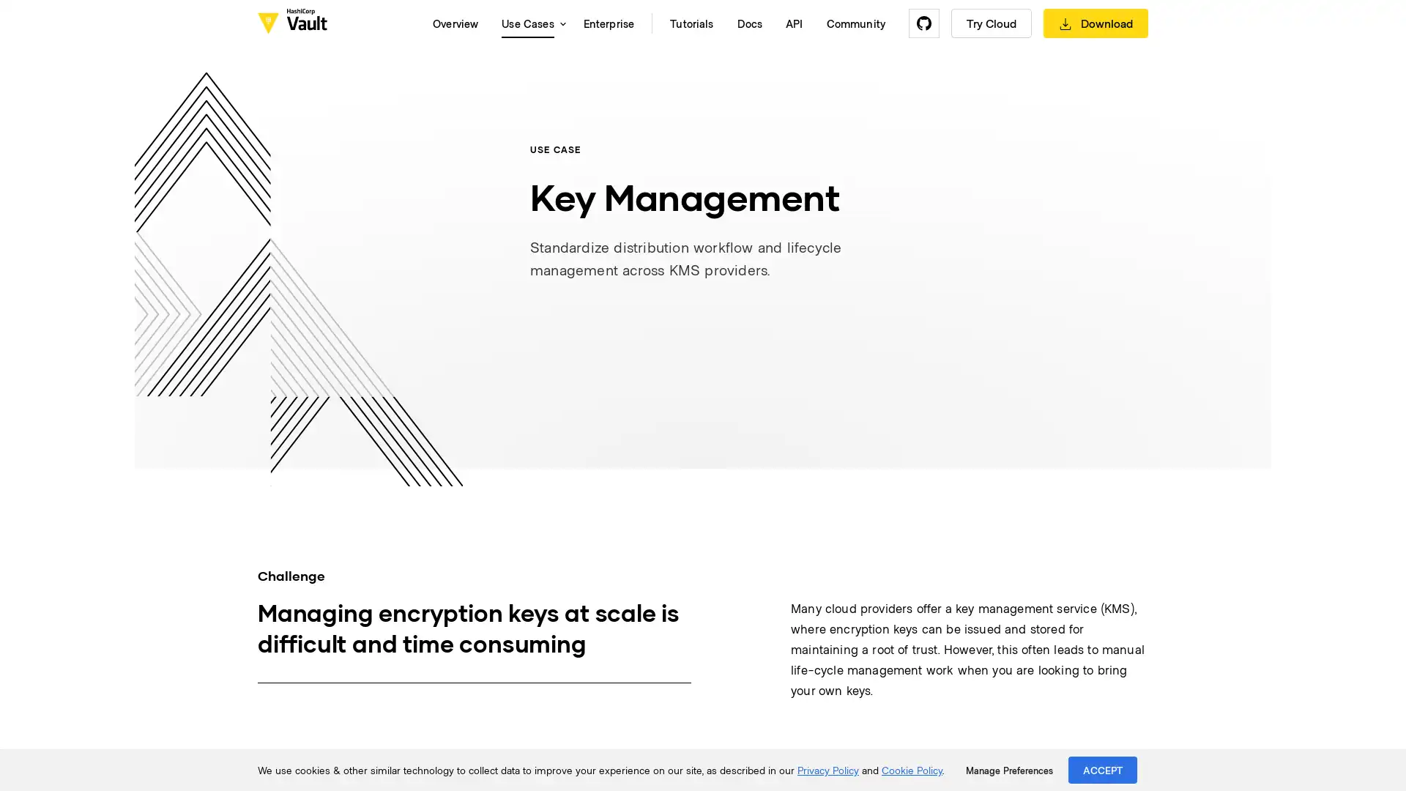 This screenshot has height=791, width=1406. Describe the element at coordinates (529, 23) in the screenshot. I see `Use Cases` at that location.